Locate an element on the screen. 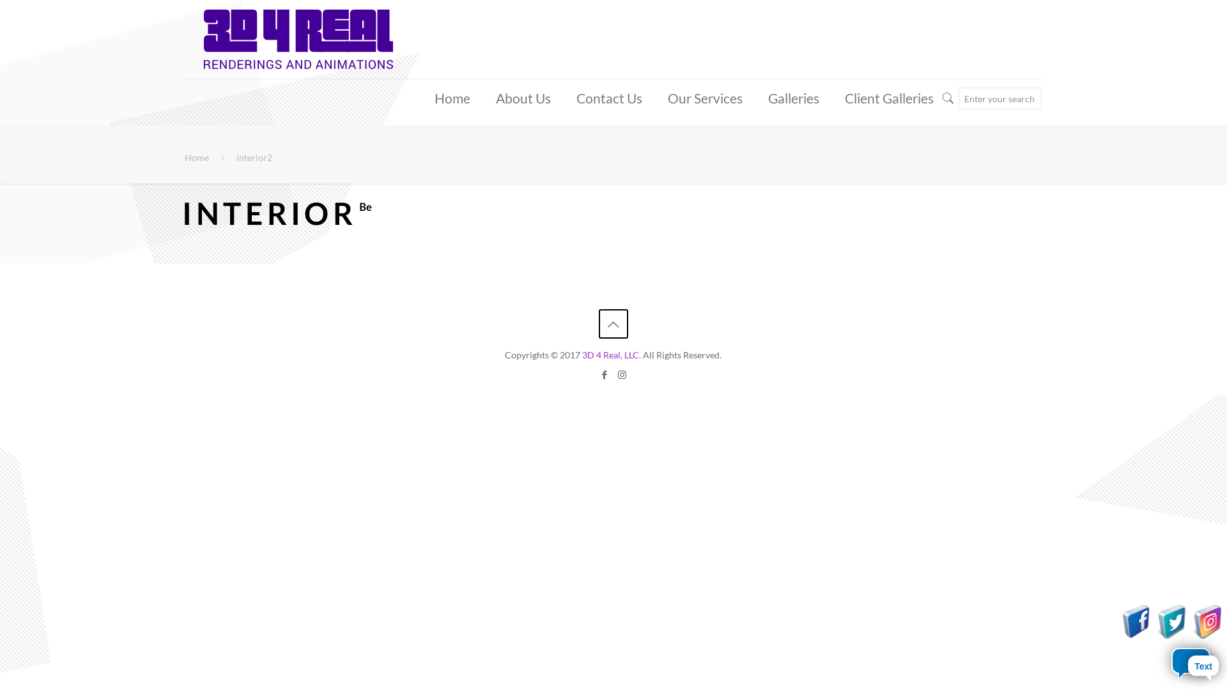 This screenshot has width=1227, height=690. '3D 4 Real Renderings' is located at coordinates (297, 38).